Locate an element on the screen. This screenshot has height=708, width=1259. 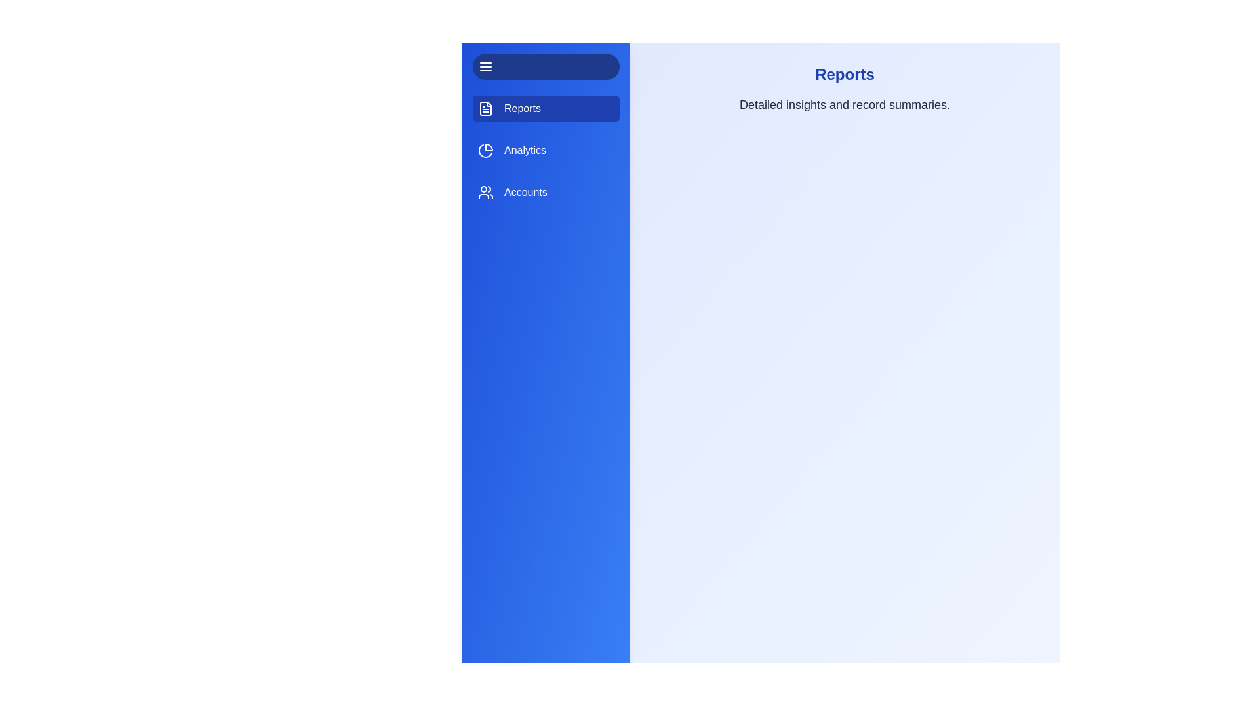
the tab labeled 'Accounts' to view its content is located at coordinates (546, 192).